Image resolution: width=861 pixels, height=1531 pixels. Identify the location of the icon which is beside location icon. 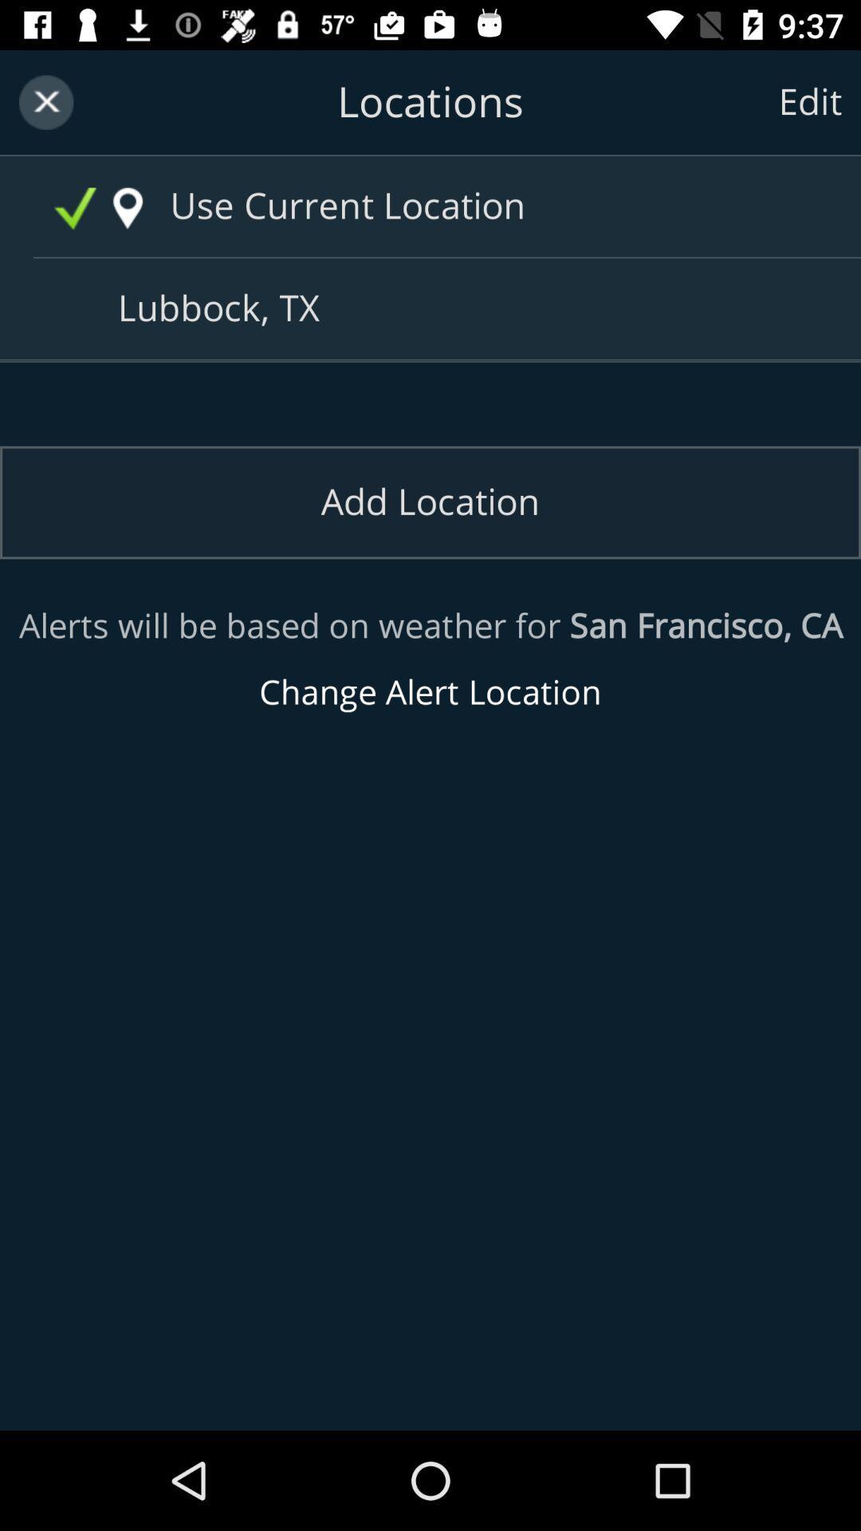
(75, 208).